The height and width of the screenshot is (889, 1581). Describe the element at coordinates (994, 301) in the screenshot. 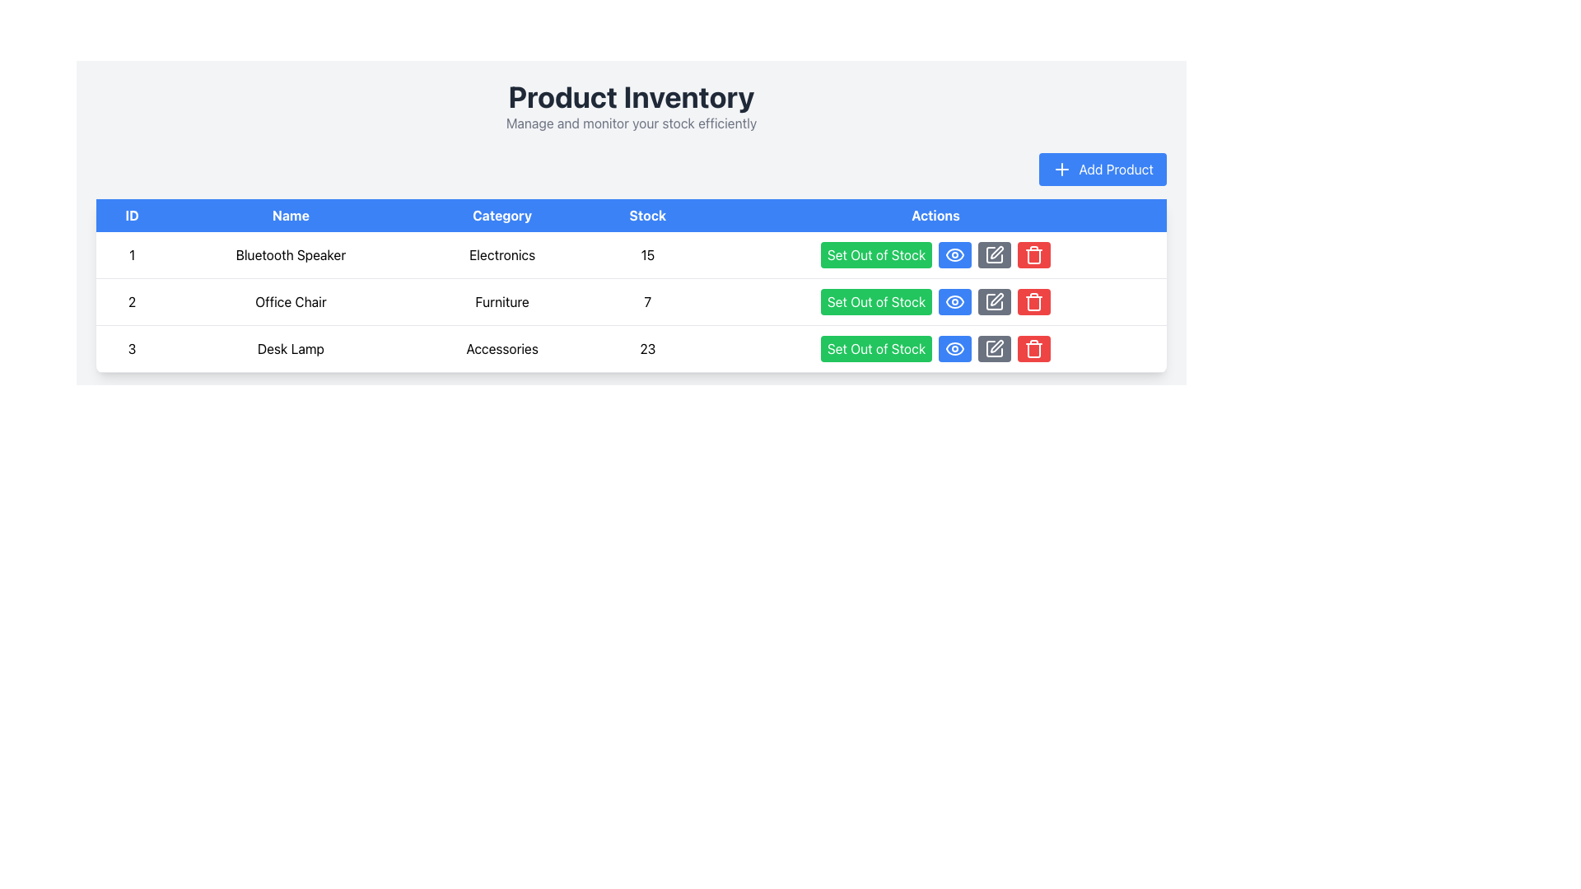

I see `the edit icon located in the 'Actions' column of the second row in the table` at that location.